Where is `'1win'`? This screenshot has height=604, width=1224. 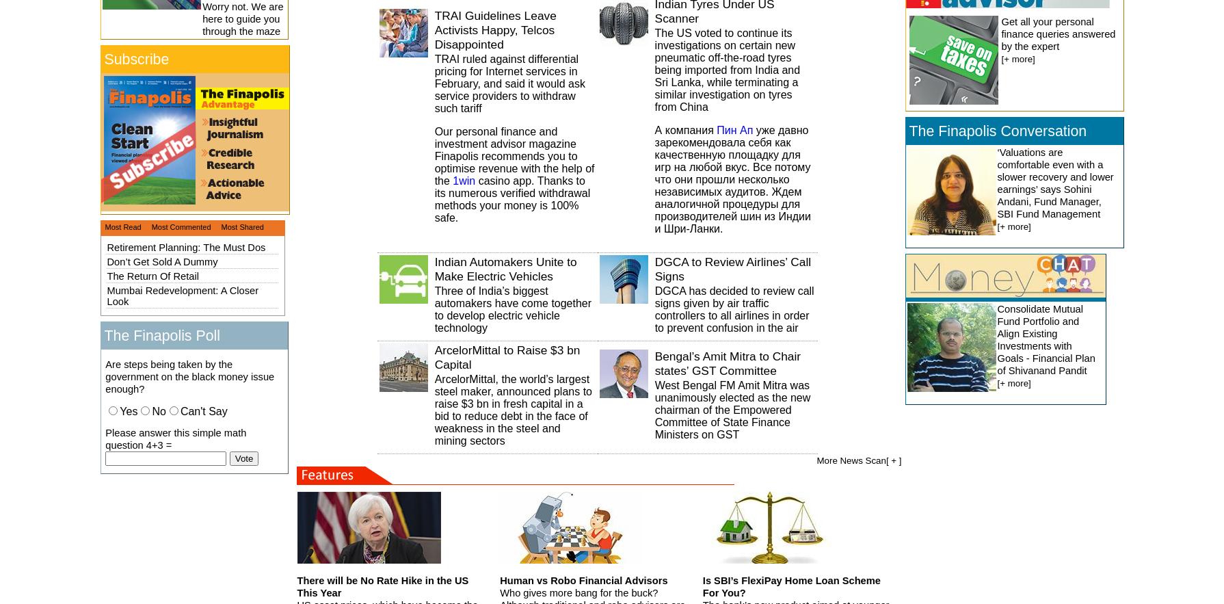 '1win' is located at coordinates (463, 179).